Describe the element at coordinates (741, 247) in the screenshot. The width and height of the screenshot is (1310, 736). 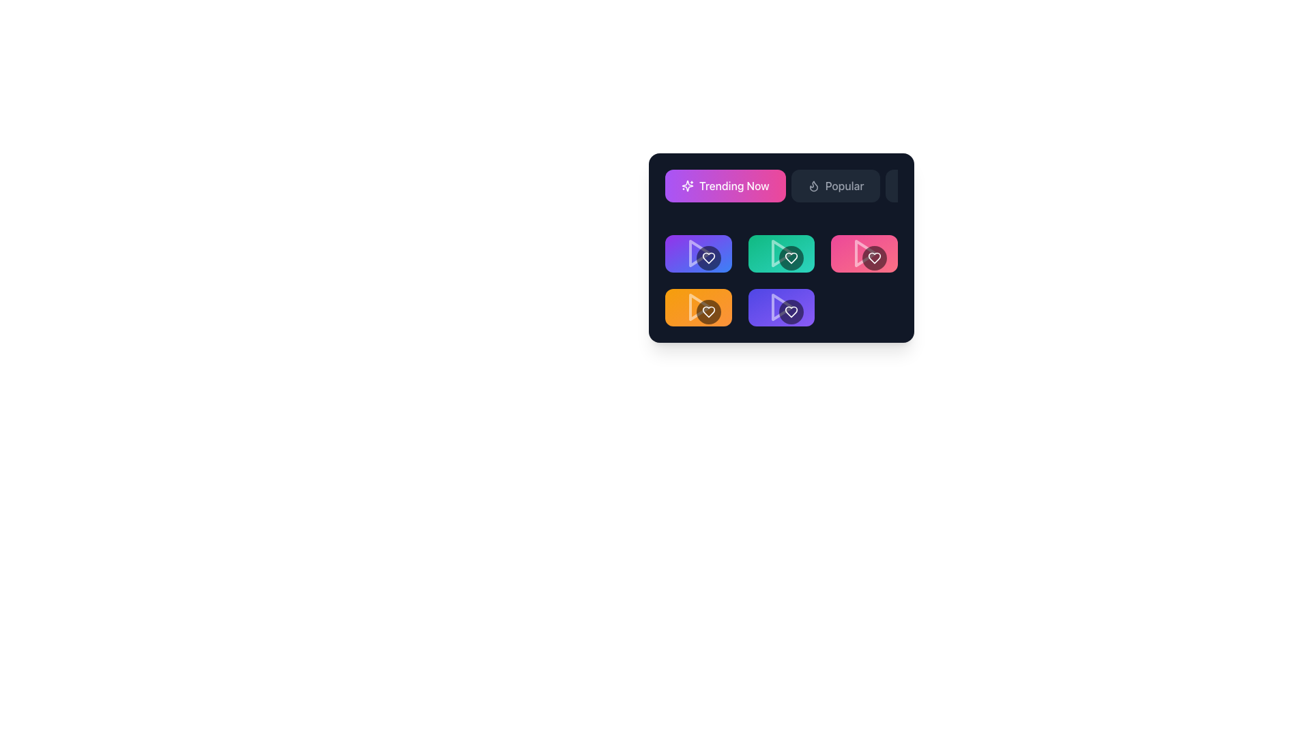
I see `the icon button featuring a white heart outline on a teal background, located in the second column of the first row of the grid` at that location.